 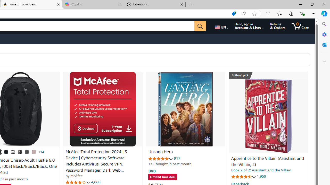 I want to click on 'Returns & Orders', so click(x=277, y=26).